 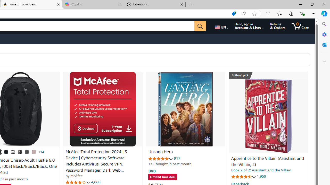 I want to click on 'Returns & Orders', so click(x=277, y=26).